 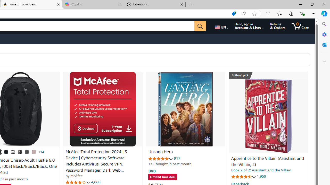 I want to click on 'Returns & Orders', so click(x=277, y=26).